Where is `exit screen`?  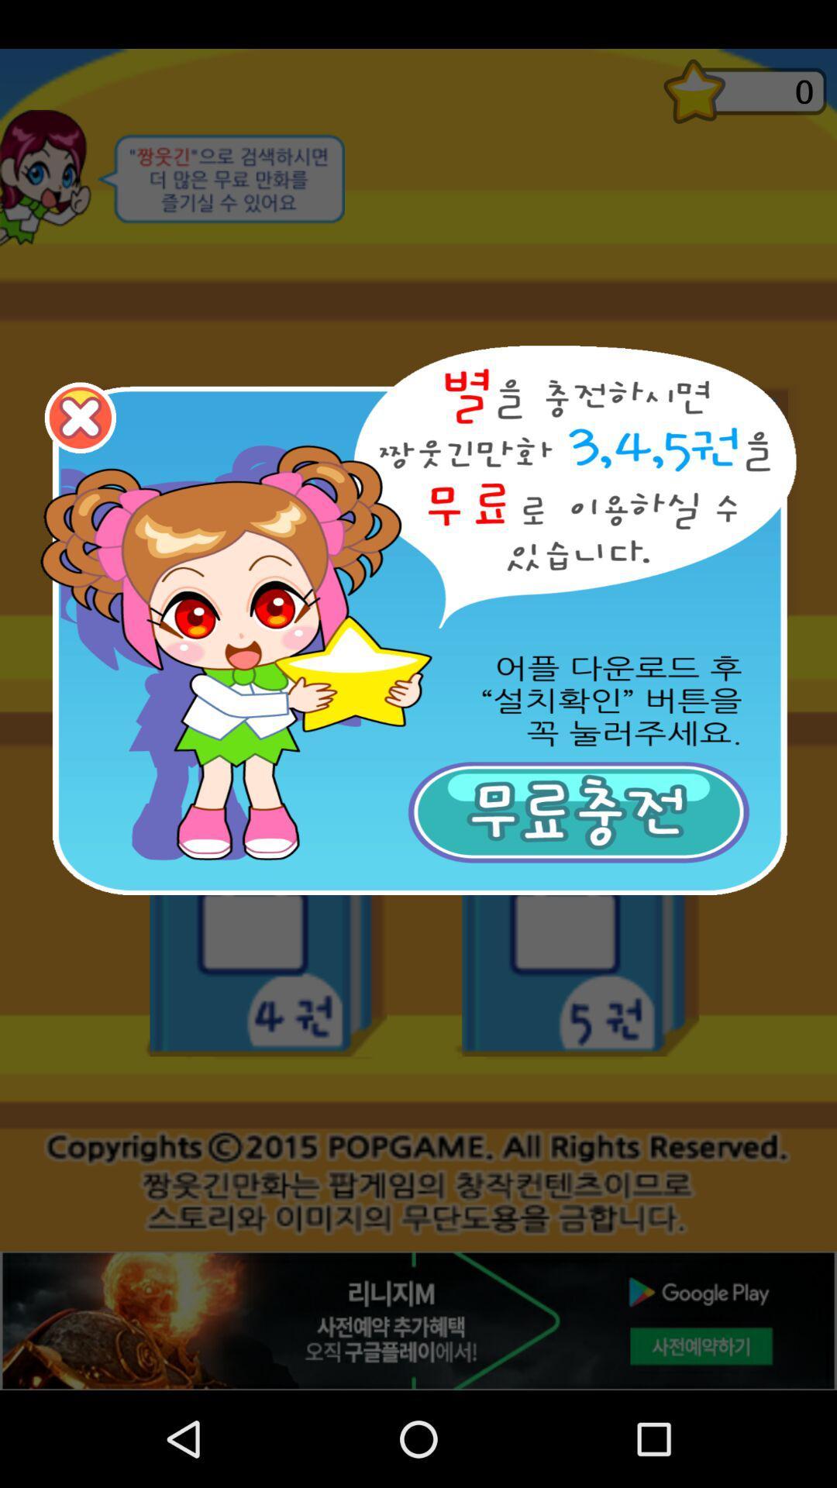 exit screen is located at coordinates (80, 418).